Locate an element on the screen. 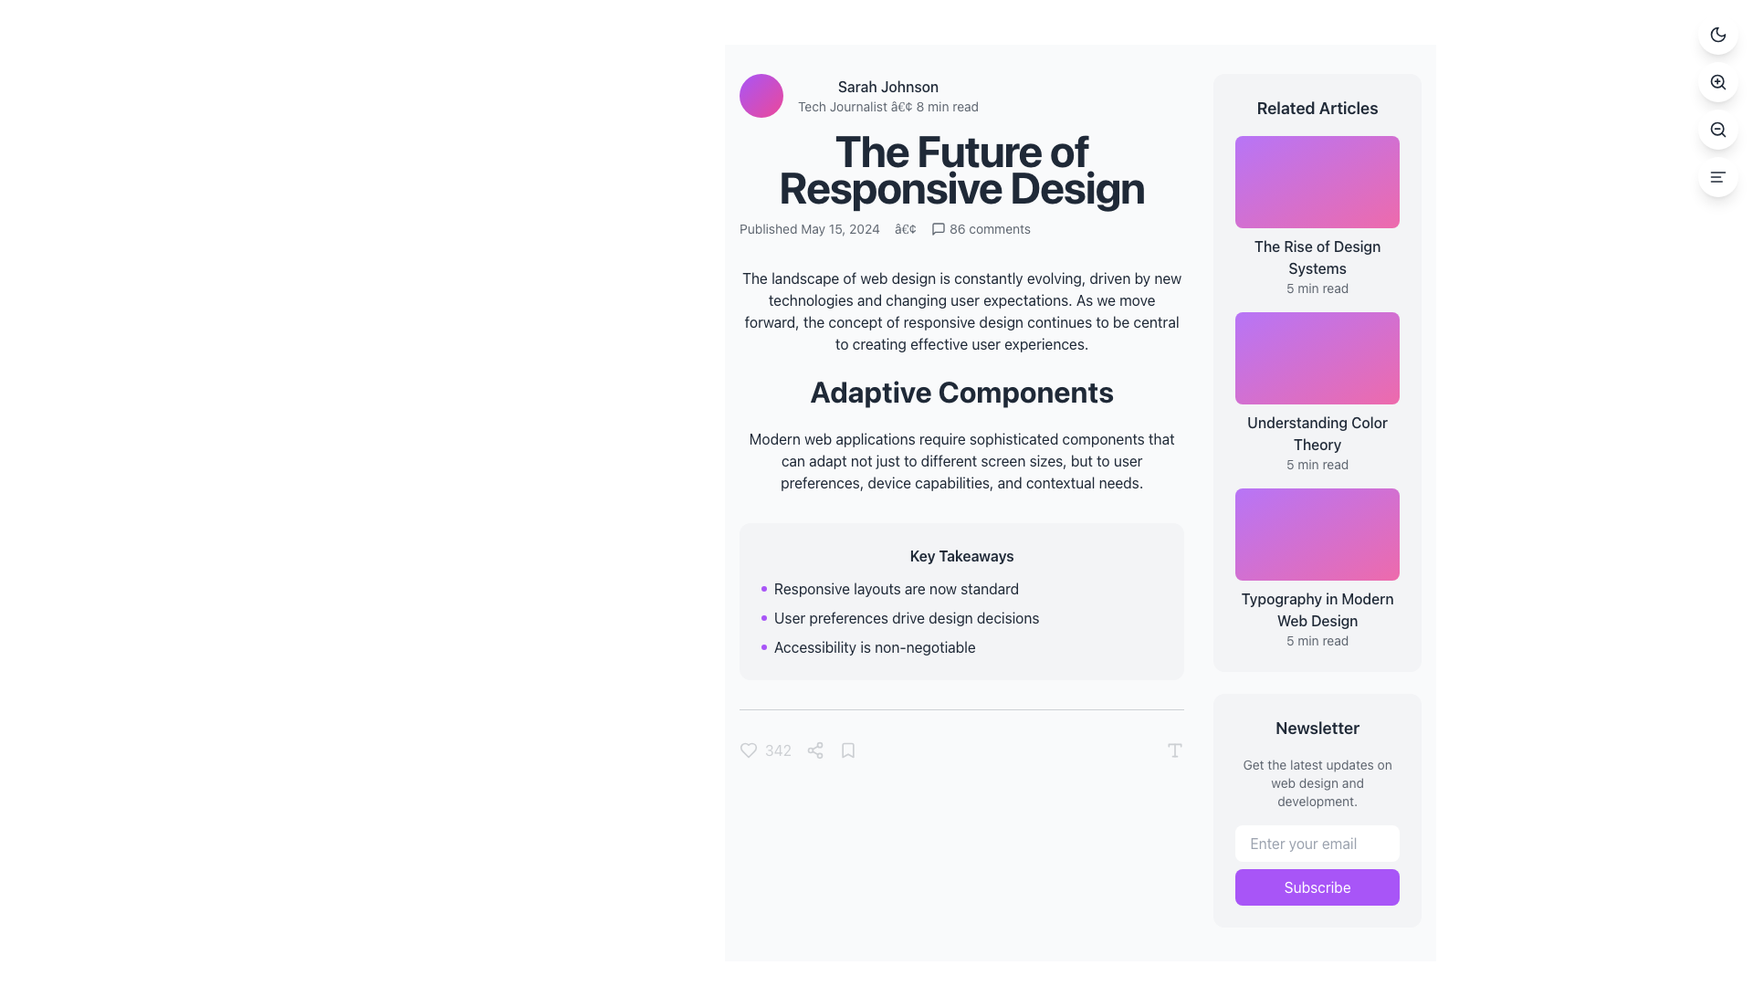 The width and height of the screenshot is (1753, 986). the comments count in the Metadata display row under the article title 'The Future of Responsive Design' is located at coordinates (960, 227).